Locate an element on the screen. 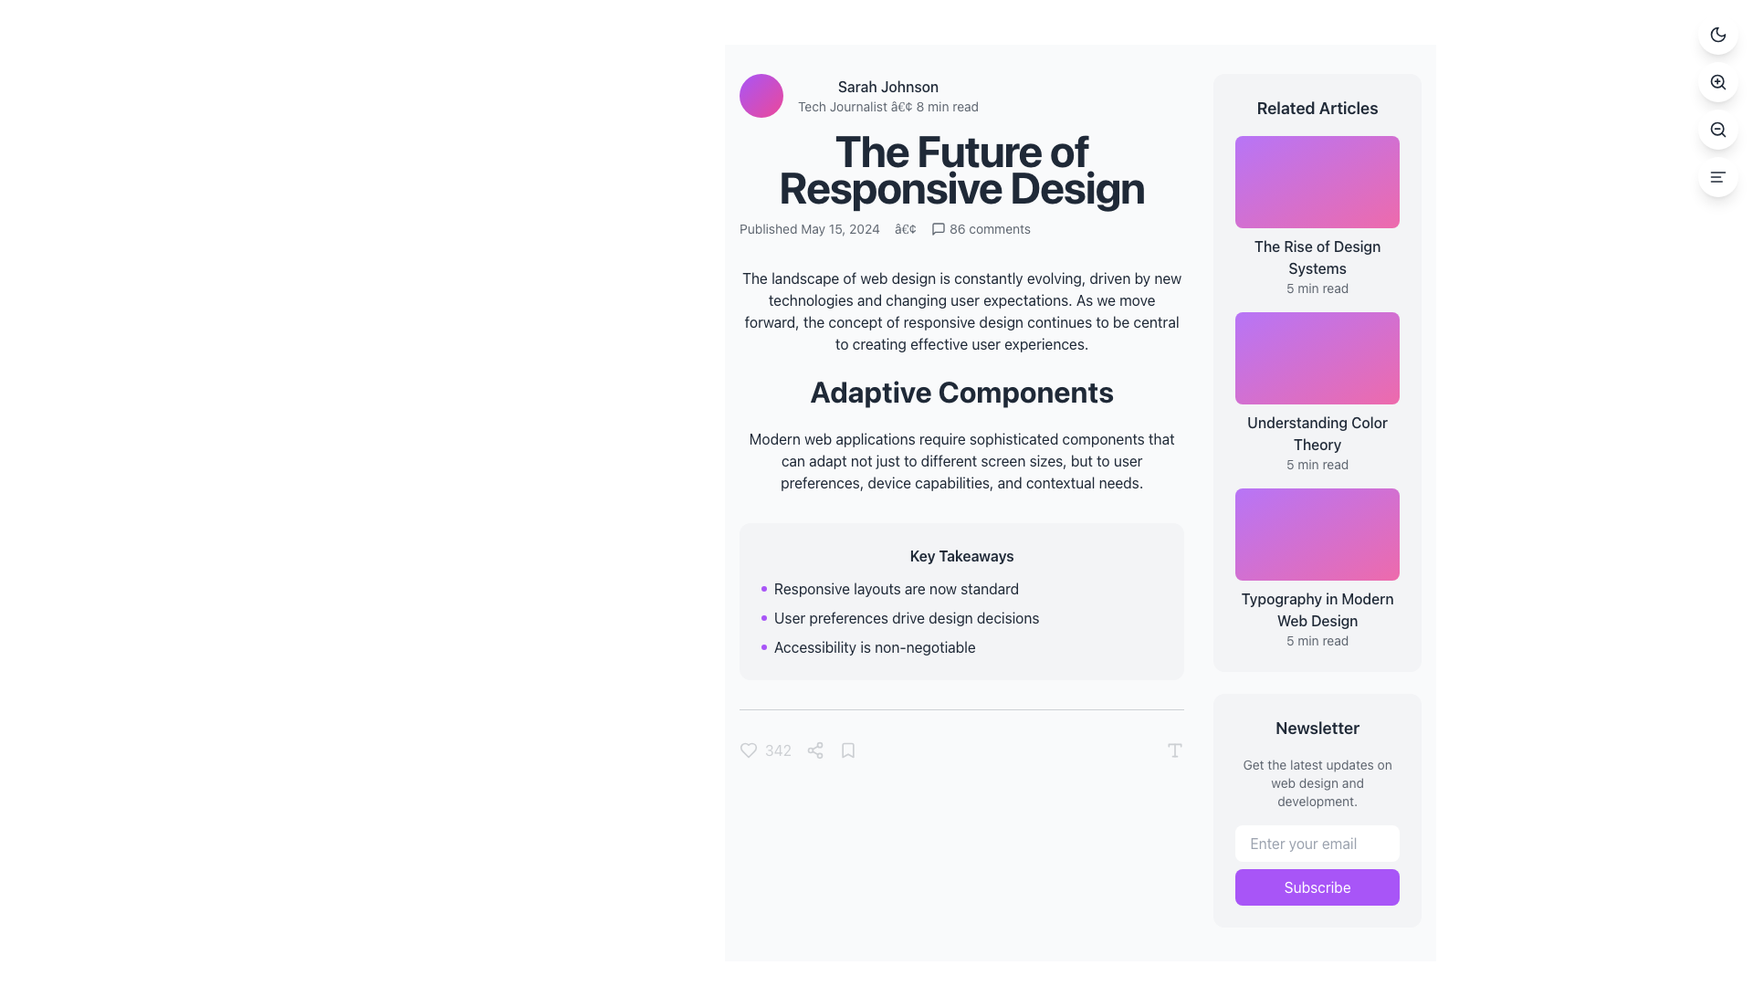 The width and height of the screenshot is (1753, 986). the comments count in the Metadata display row under the article title 'The Future of Responsive Design' is located at coordinates (960, 227).